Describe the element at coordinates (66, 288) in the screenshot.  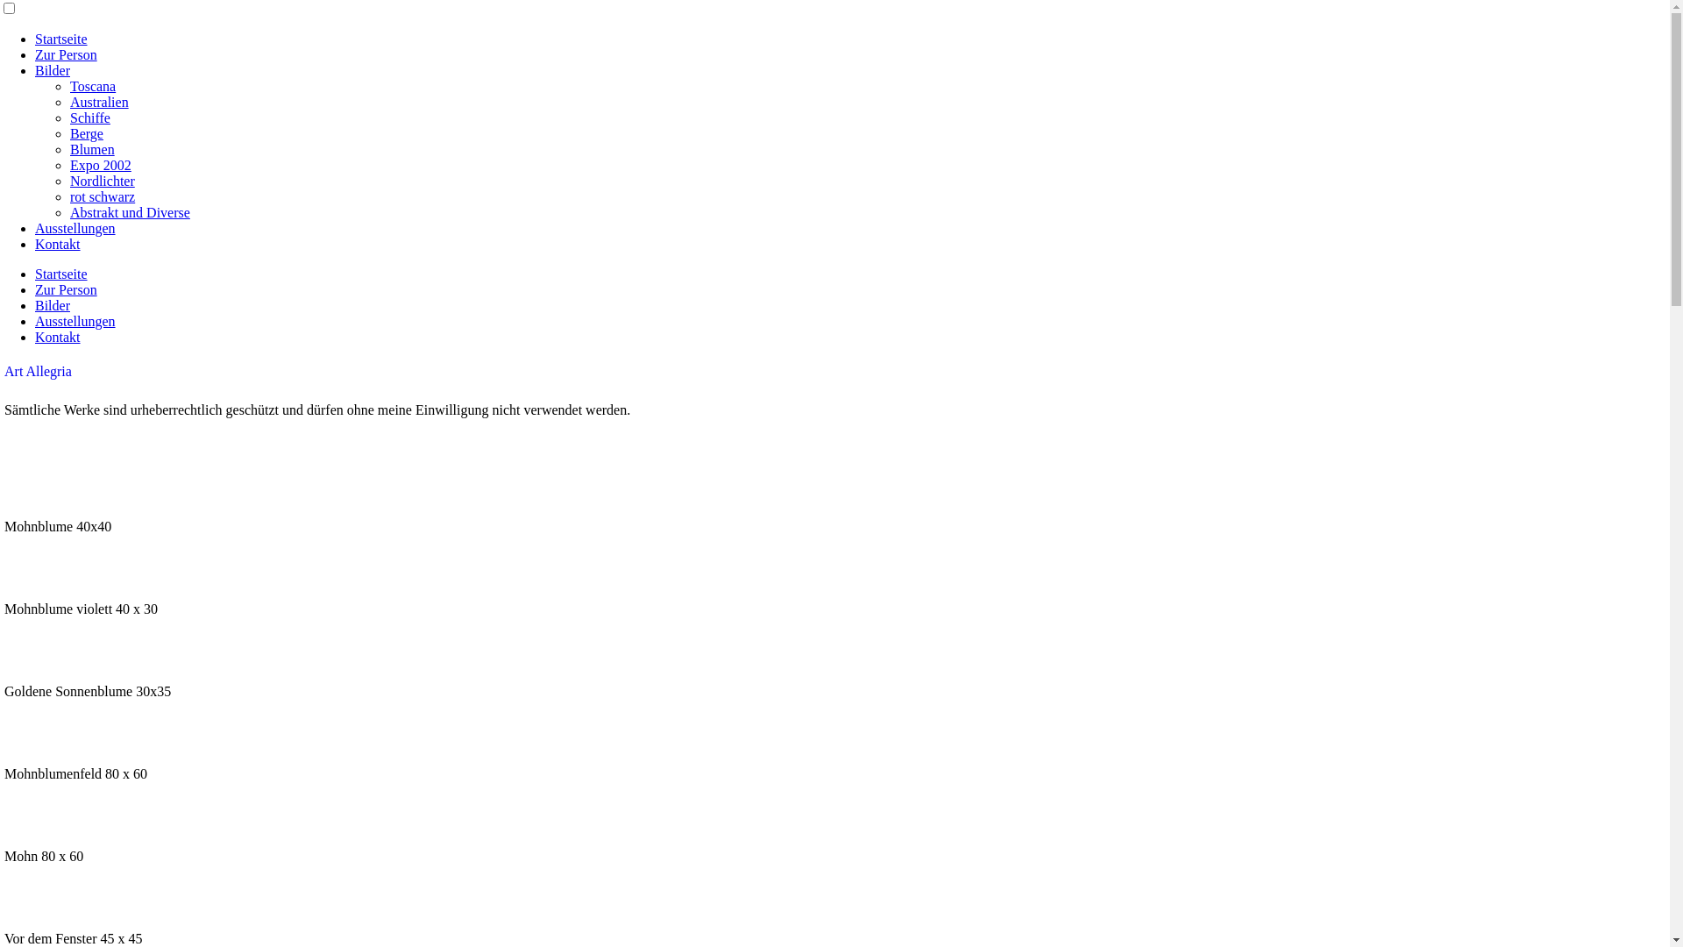
I see `'Zur Person'` at that location.